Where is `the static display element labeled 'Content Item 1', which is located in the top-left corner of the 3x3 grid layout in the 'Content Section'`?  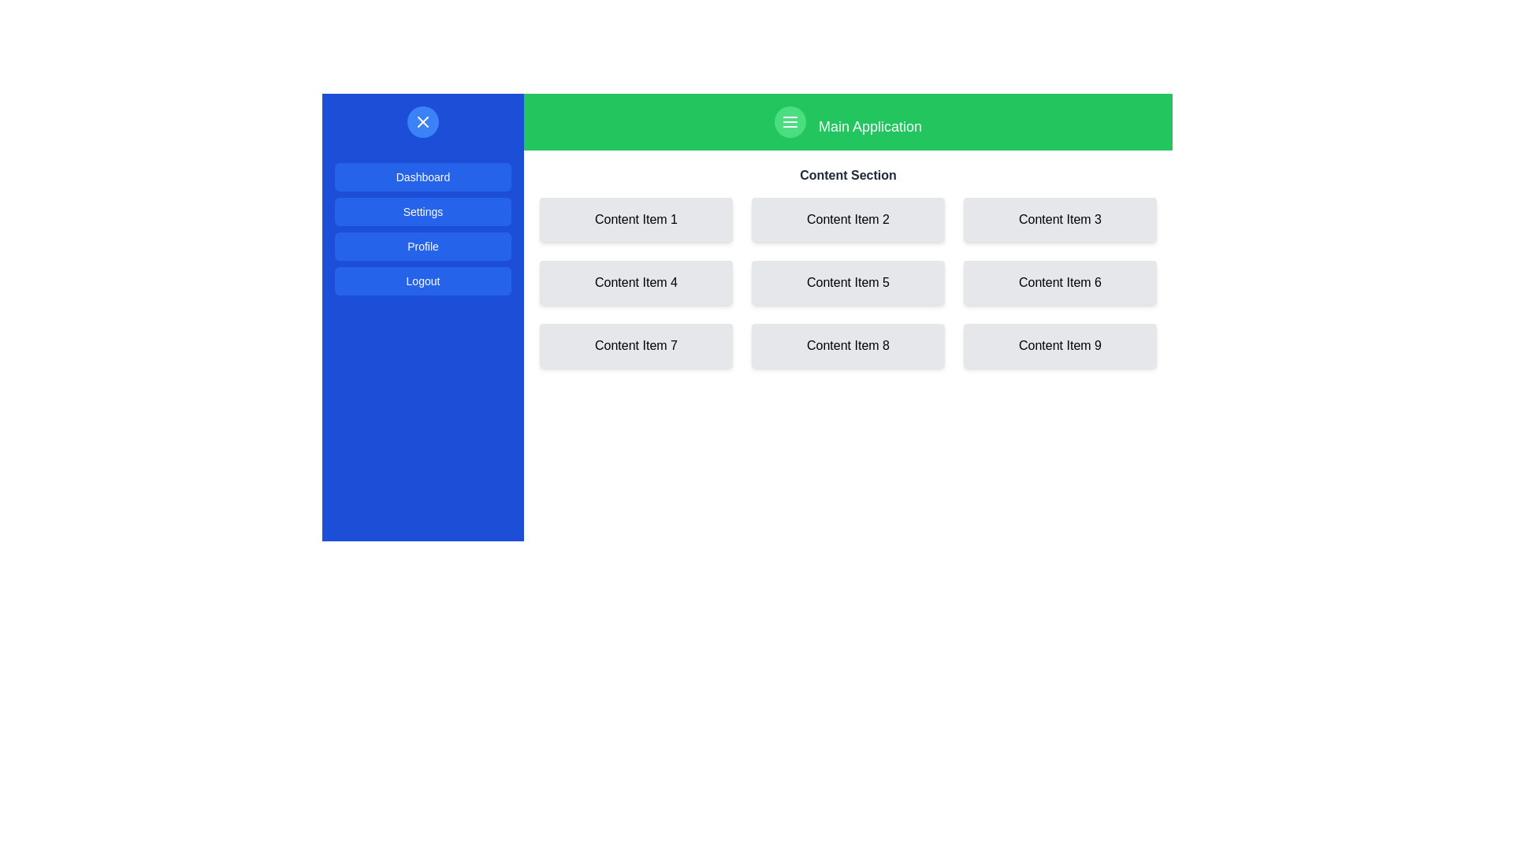
the static display element labeled 'Content Item 1', which is located in the top-left corner of the 3x3 grid layout in the 'Content Section' is located at coordinates (636, 219).